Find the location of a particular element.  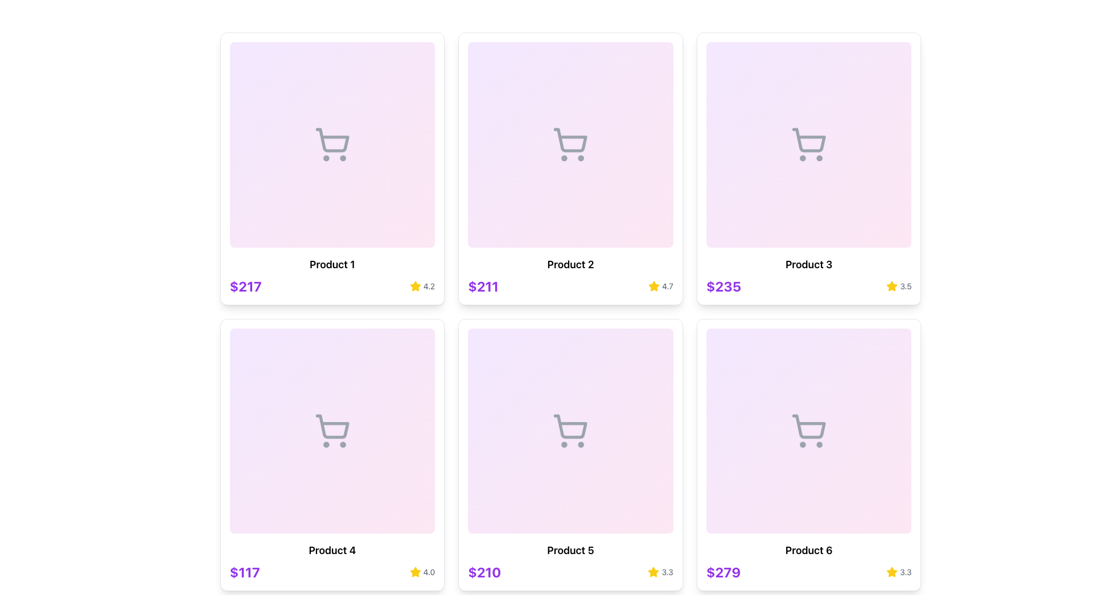

the basket section of the shopping cart icon located at the center of the 'Product 4' card is located at coordinates (332, 427).